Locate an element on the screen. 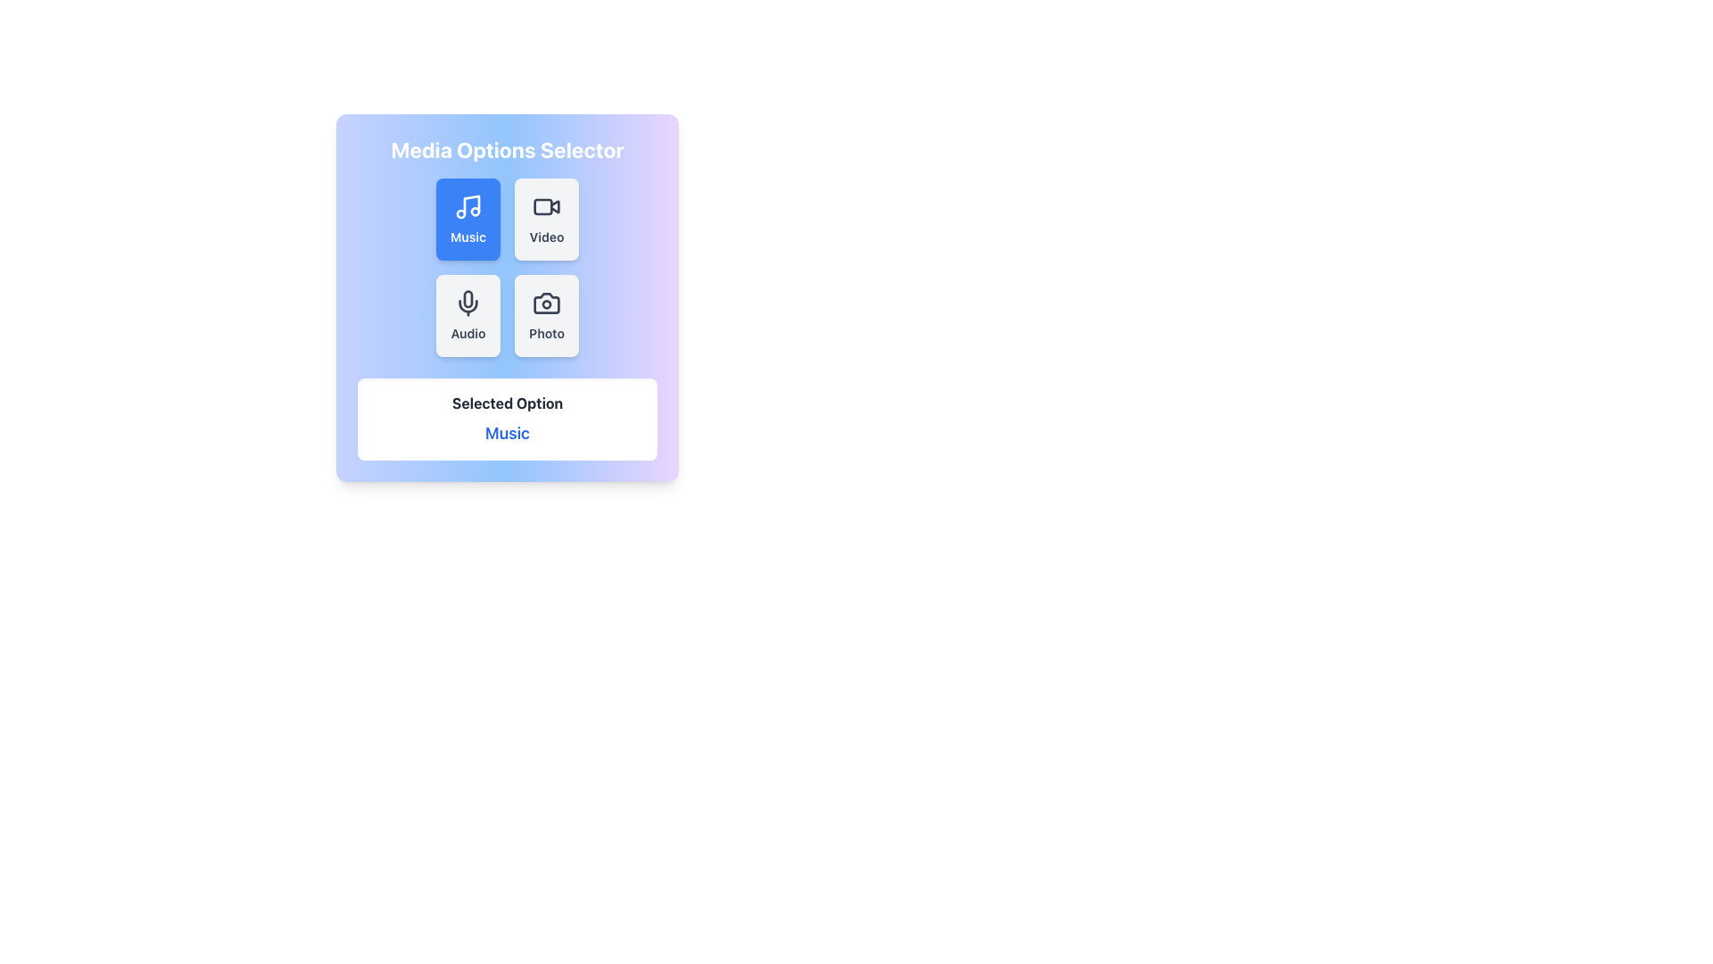 The image size is (1713, 964). the 'Photo' button in the media options selector interface is located at coordinates (546, 315).